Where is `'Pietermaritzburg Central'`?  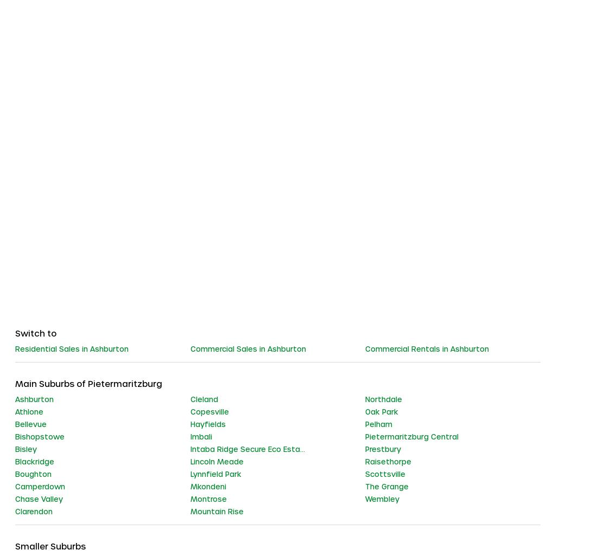 'Pietermaritzburg Central' is located at coordinates (411, 435).